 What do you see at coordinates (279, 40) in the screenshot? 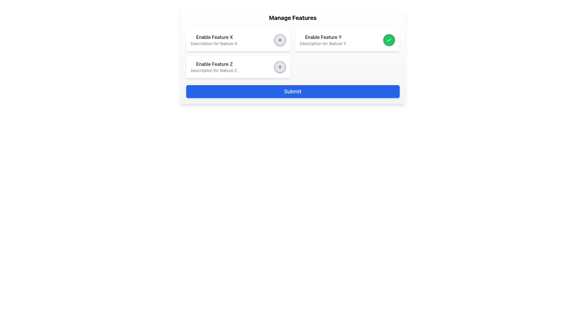
I see `the plus sign icon within the gray circular button located below the 'Enable Feature Z' text and above the Submit button` at bounding box center [279, 40].